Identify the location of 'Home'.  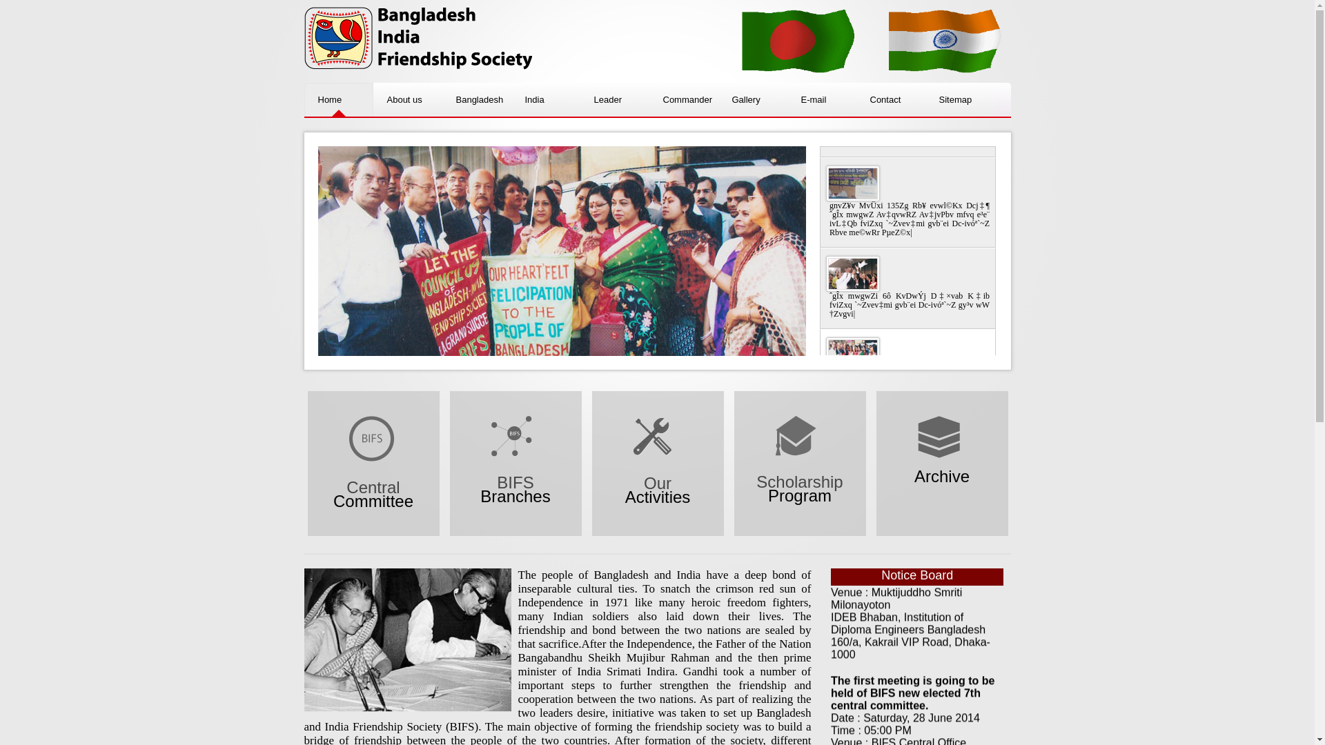
(337, 99).